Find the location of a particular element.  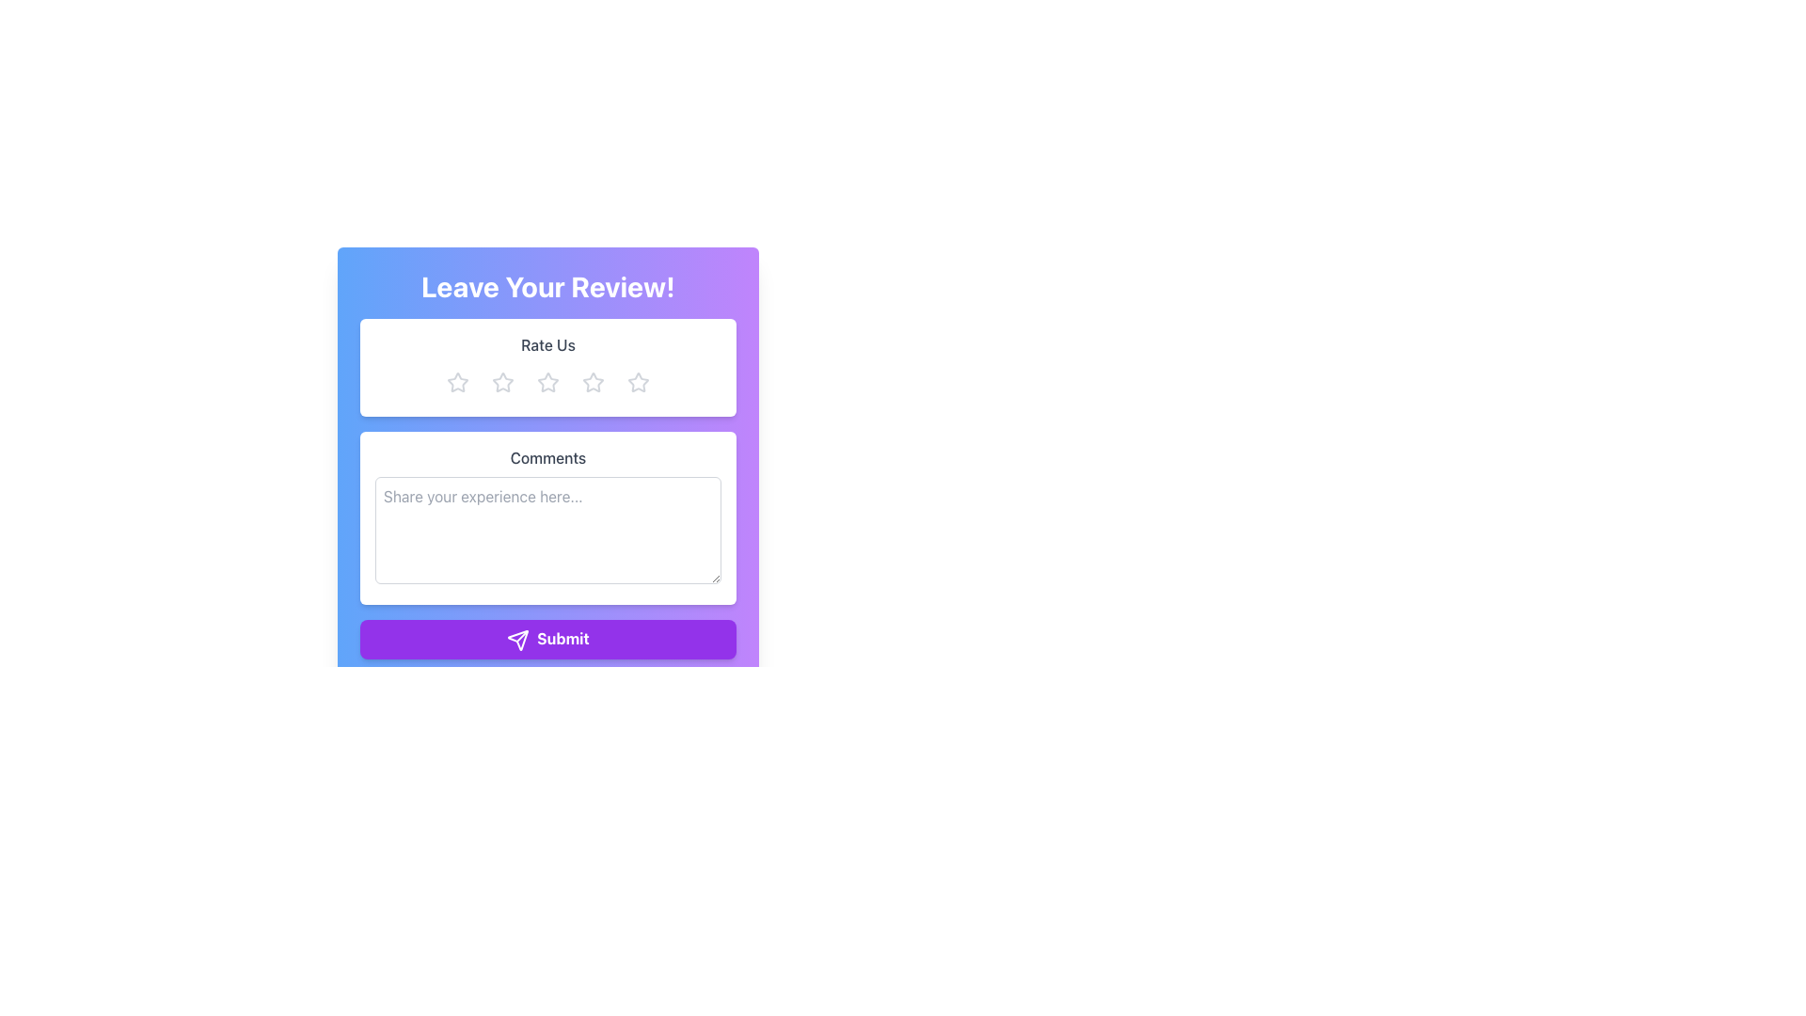

existing text in the textarea input field located in the 'Comments' section beneath the title, allowing for editing is located at coordinates (547, 530).